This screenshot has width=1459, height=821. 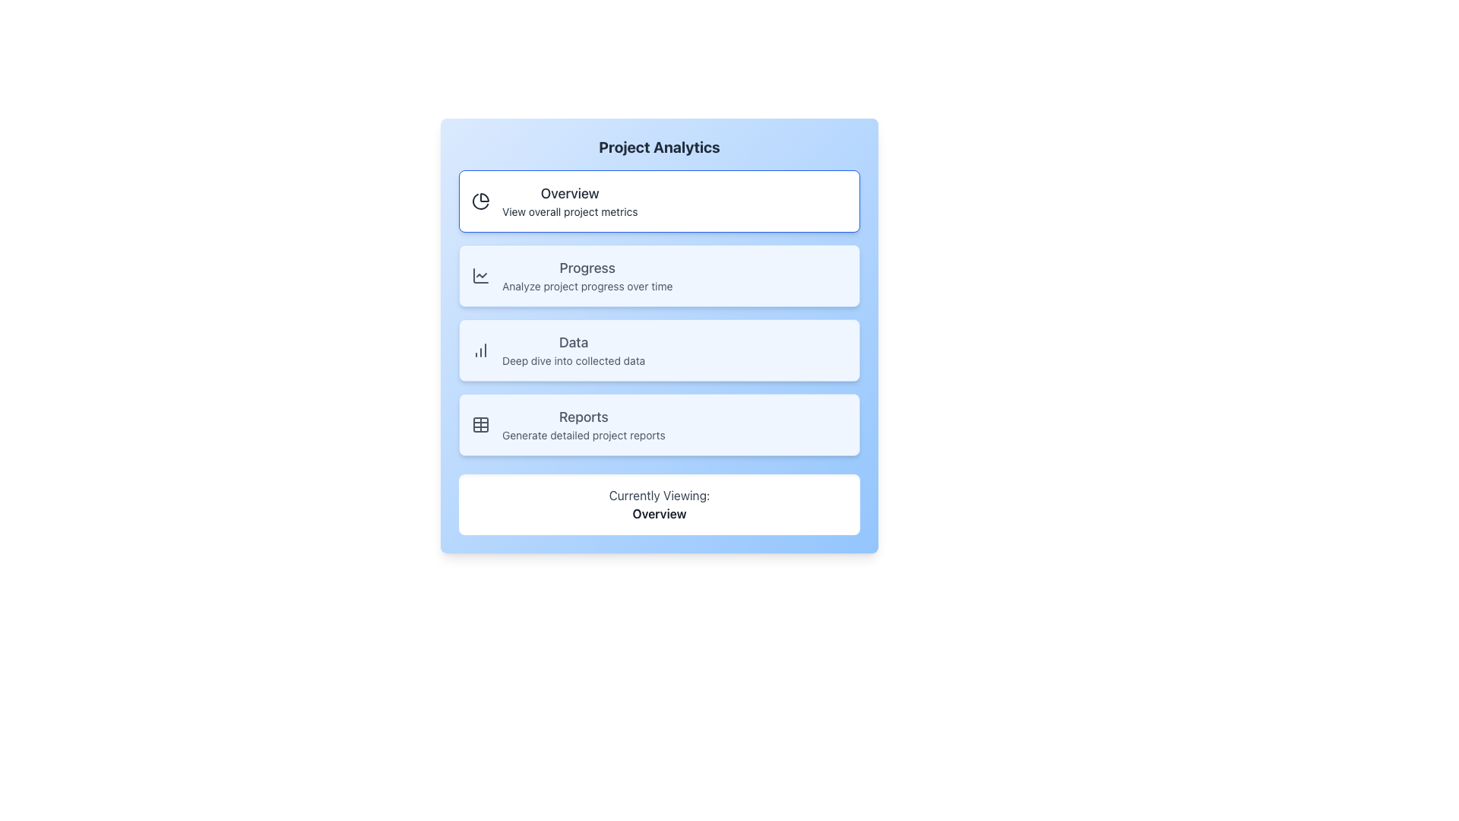 What do you see at coordinates (480, 425) in the screenshot?
I see `the table grid icon located to the left of the 'Reports' button in the vertical navigation interface` at bounding box center [480, 425].